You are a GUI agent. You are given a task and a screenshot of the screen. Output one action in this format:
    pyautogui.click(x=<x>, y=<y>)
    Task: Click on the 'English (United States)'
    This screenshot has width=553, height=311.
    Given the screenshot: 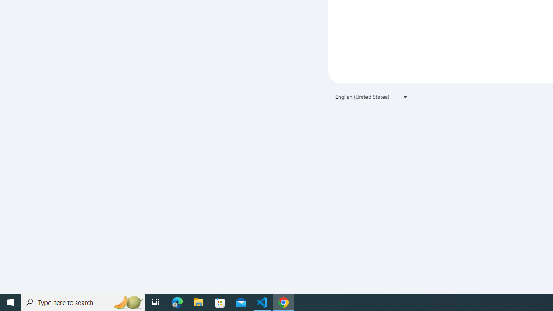 What is the action you would take?
    pyautogui.click(x=372, y=97)
    